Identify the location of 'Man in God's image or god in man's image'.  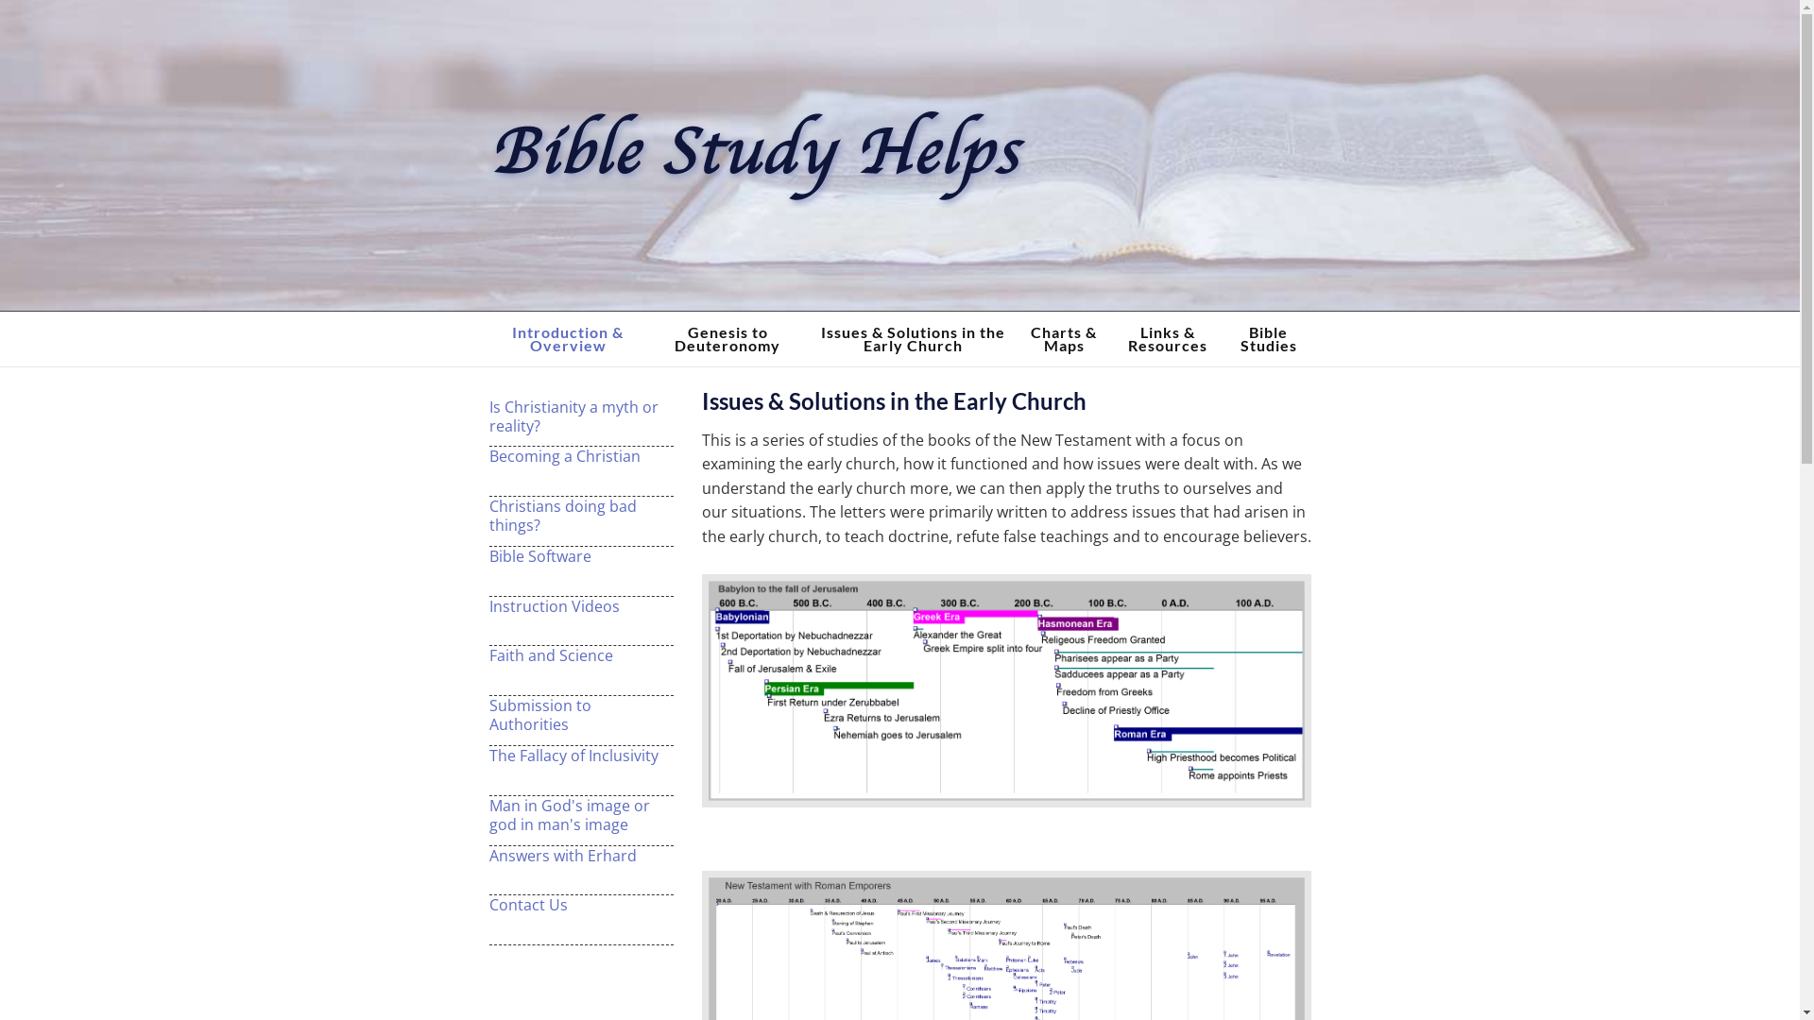
(580, 814).